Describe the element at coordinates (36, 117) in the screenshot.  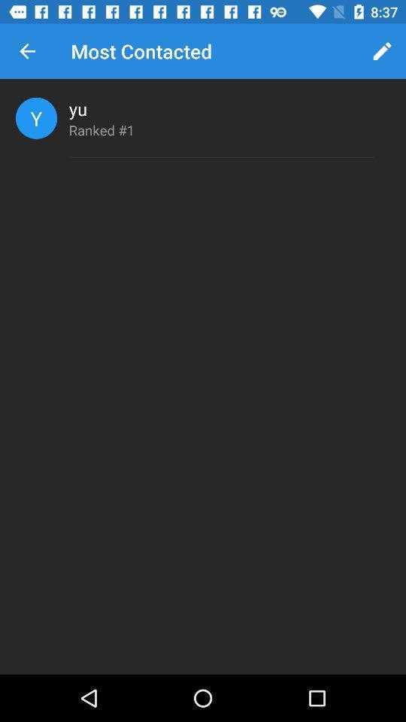
I see `the item next to yu icon` at that location.